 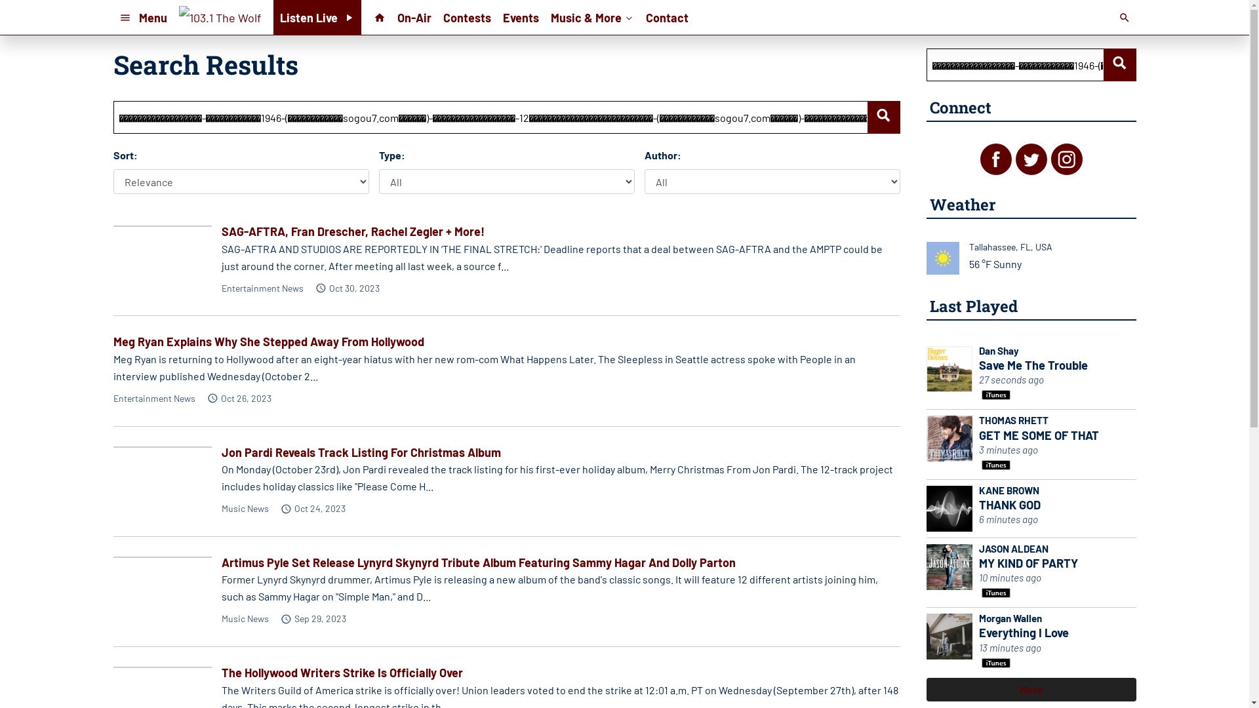 I want to click on 'More', so click(x=1030, y=689).